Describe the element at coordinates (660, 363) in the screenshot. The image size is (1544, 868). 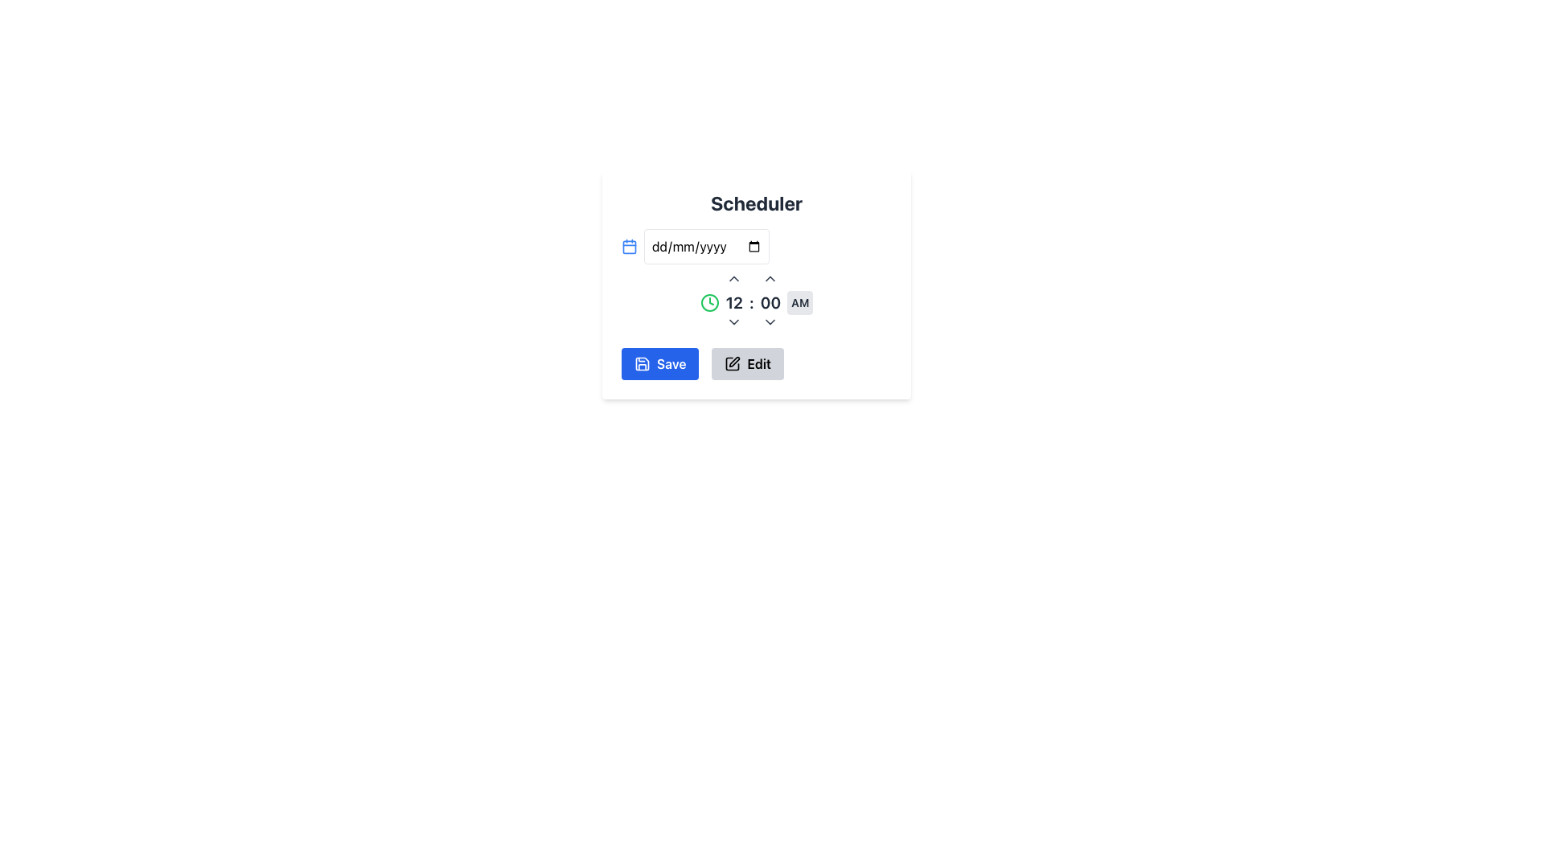
I see `the 'Save' button located at the top right corner of the scheduler interface` at that location.